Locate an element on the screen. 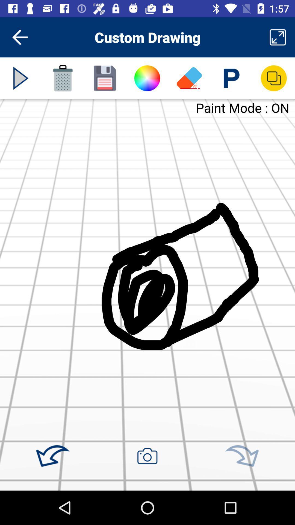 The width and height of the screenshot is (295, 525). item below the custom drawing is located at coordinates (147, 78).